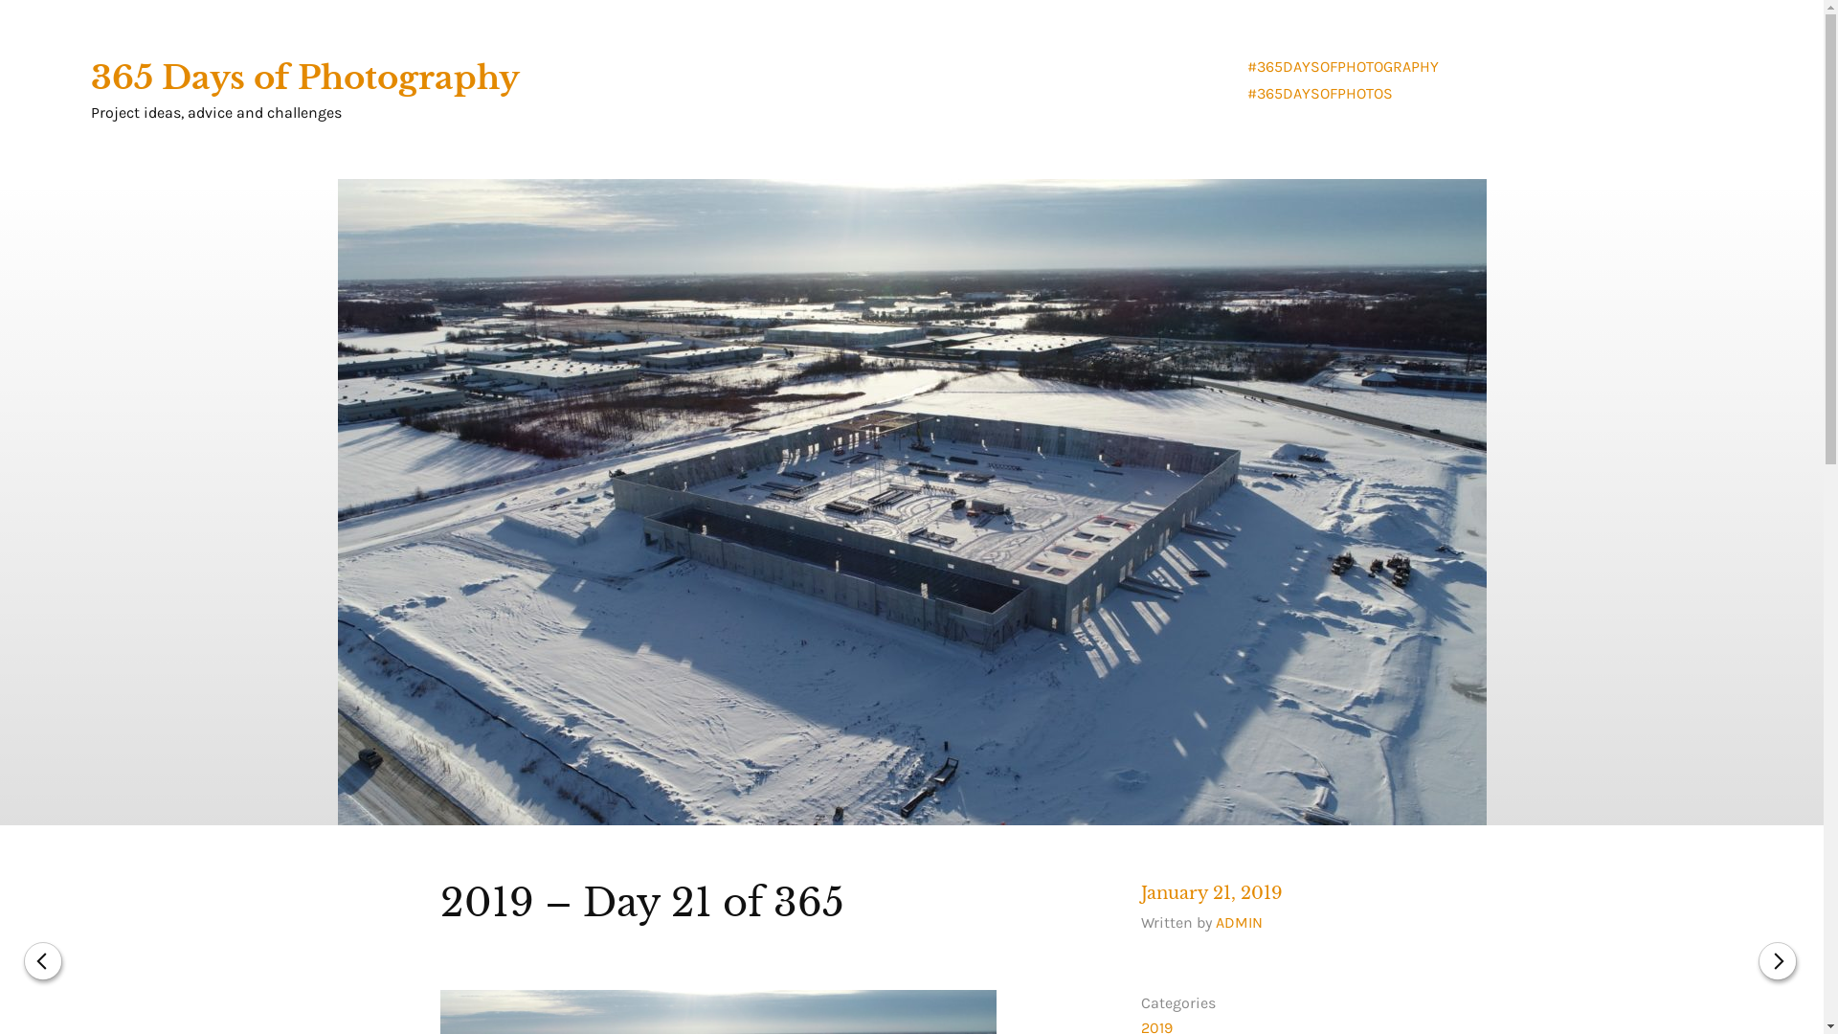 This screenshot has height=1034, width=1838. What do you see at coordinates (1211, 893) in the screenshot?
I see `'January 21, 2019'` at bounding box center [1211, 893].